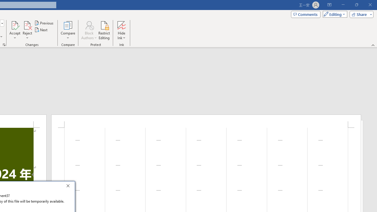 The width and height of the screenshot is (377, 212). What do you see at coordinates (44, 23) in the screenshot?
I see `'Previous'` at bounding box center [44, 23].